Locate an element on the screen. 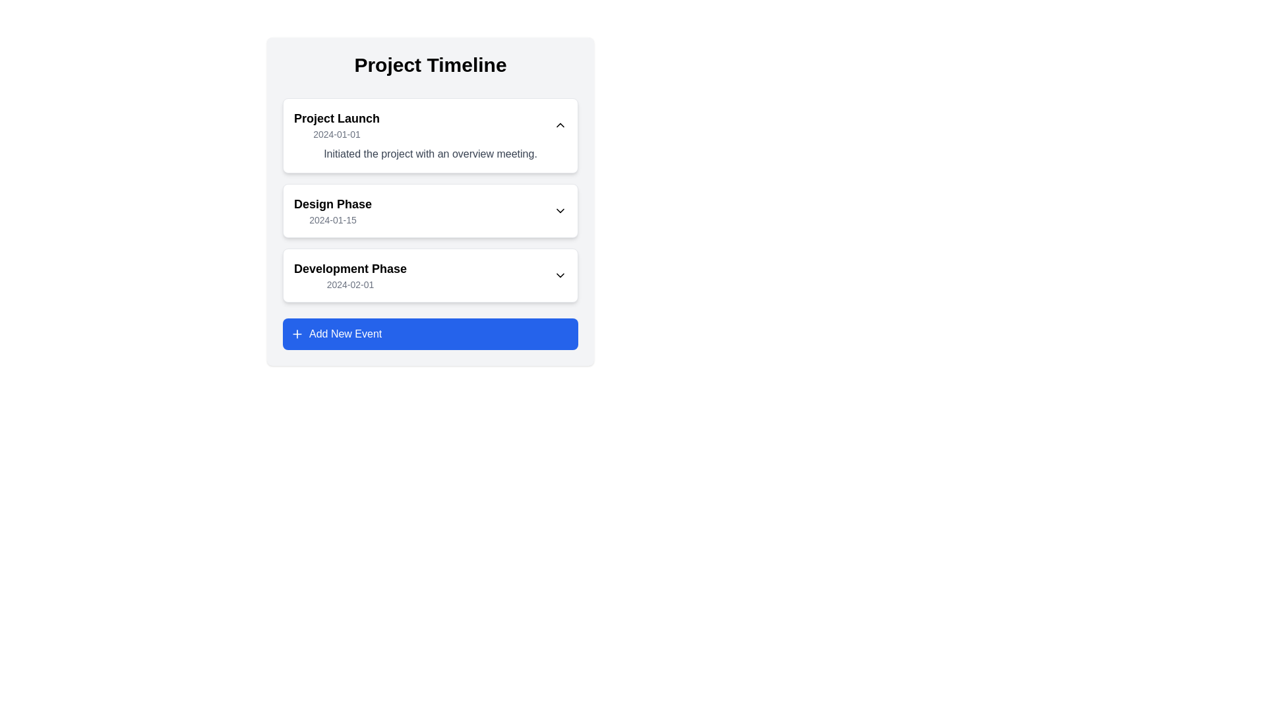 This screenshot has width=1266, height=712. the static text display showing the date '2024-02-01' located in the 'Development Phase' section of the timeline interface is located at coordinates (350, 284).